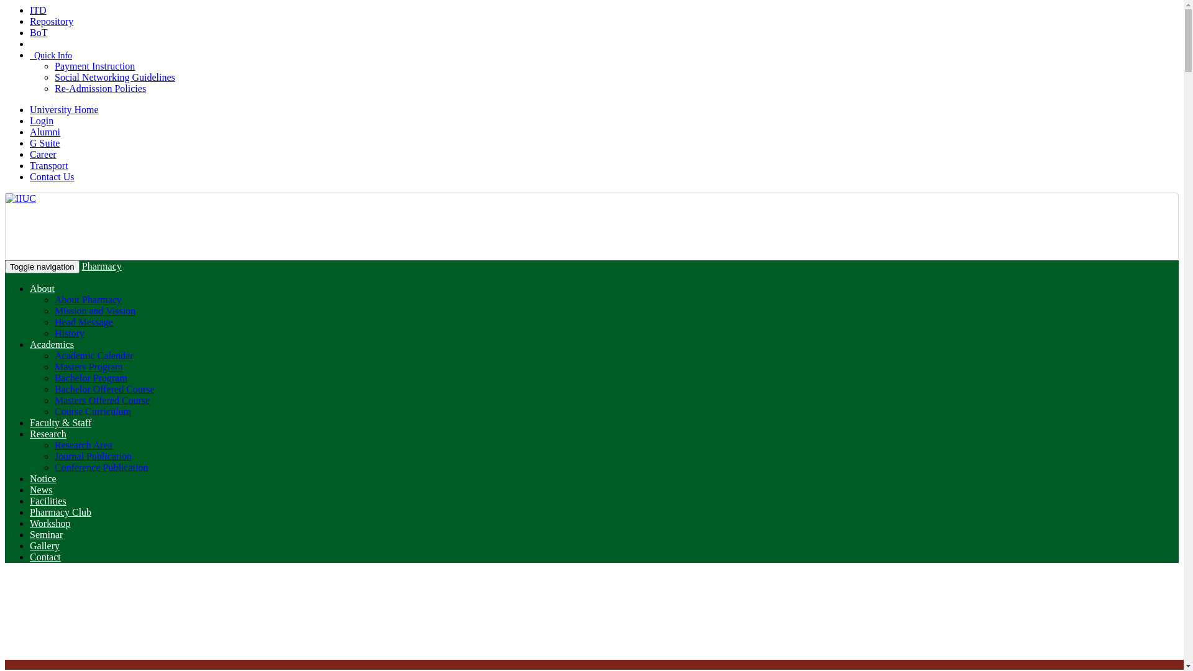  What do you see at coordinates (92, 411) in the screenshot?
I see `'Course Curriculum'` at bounding box center [92, 411].